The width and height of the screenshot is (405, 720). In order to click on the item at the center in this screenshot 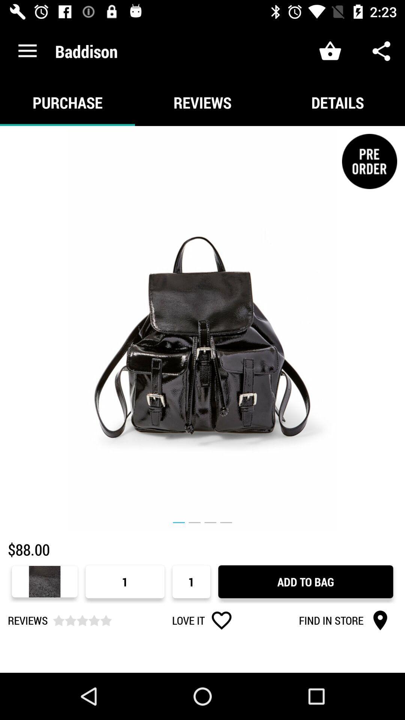, I will do `click(202, 328)`.